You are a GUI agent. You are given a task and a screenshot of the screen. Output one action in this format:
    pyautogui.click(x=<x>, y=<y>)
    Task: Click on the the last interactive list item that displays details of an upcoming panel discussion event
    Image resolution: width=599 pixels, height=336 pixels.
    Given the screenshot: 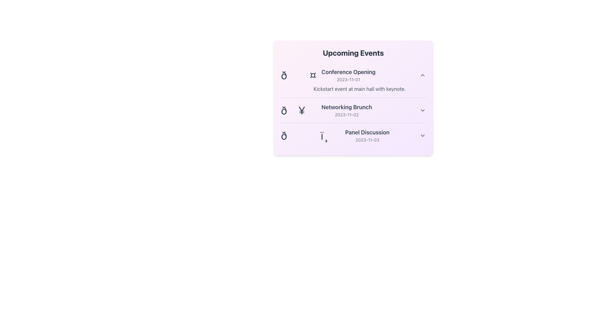 What is the action you would take?
    pyautogui.click(x=353, y=135)
    